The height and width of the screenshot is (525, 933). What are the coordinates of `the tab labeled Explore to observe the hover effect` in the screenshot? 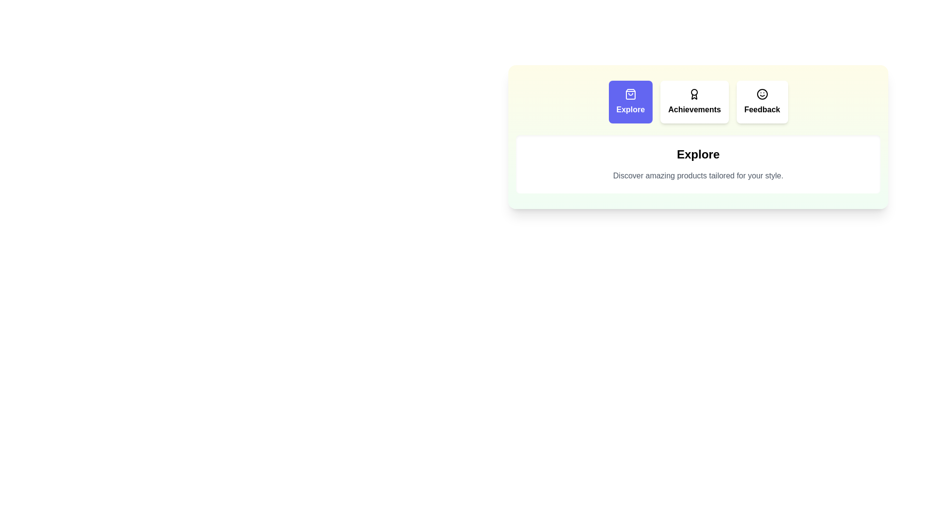 It's located at (630, 102).